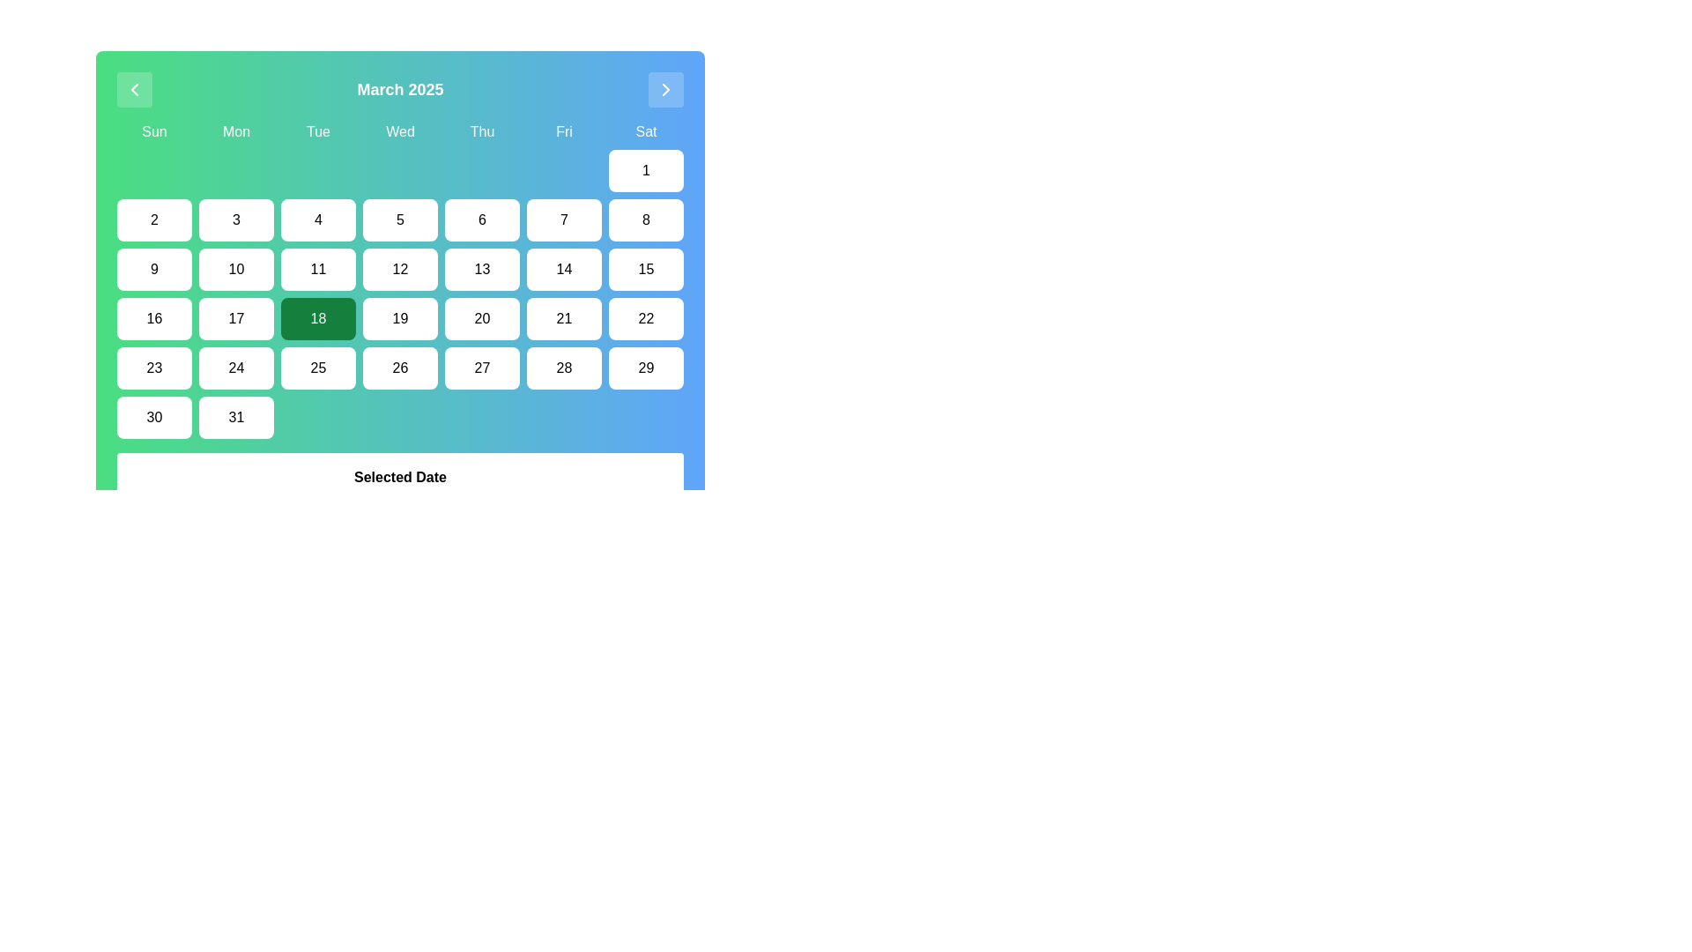 The image size is (1692, 952). Describe the element at coordinates (482, 367) in the screenshot. I see `the button representing the 27th day of the month in the calendar, located in the last row and fifth from the left` at that location.